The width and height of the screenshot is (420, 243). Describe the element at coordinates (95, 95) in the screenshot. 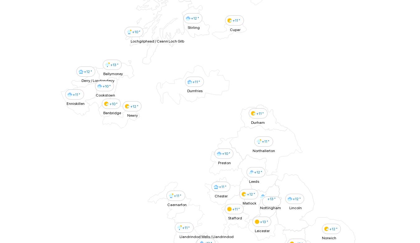

I see `'Cookstown'` at that location.